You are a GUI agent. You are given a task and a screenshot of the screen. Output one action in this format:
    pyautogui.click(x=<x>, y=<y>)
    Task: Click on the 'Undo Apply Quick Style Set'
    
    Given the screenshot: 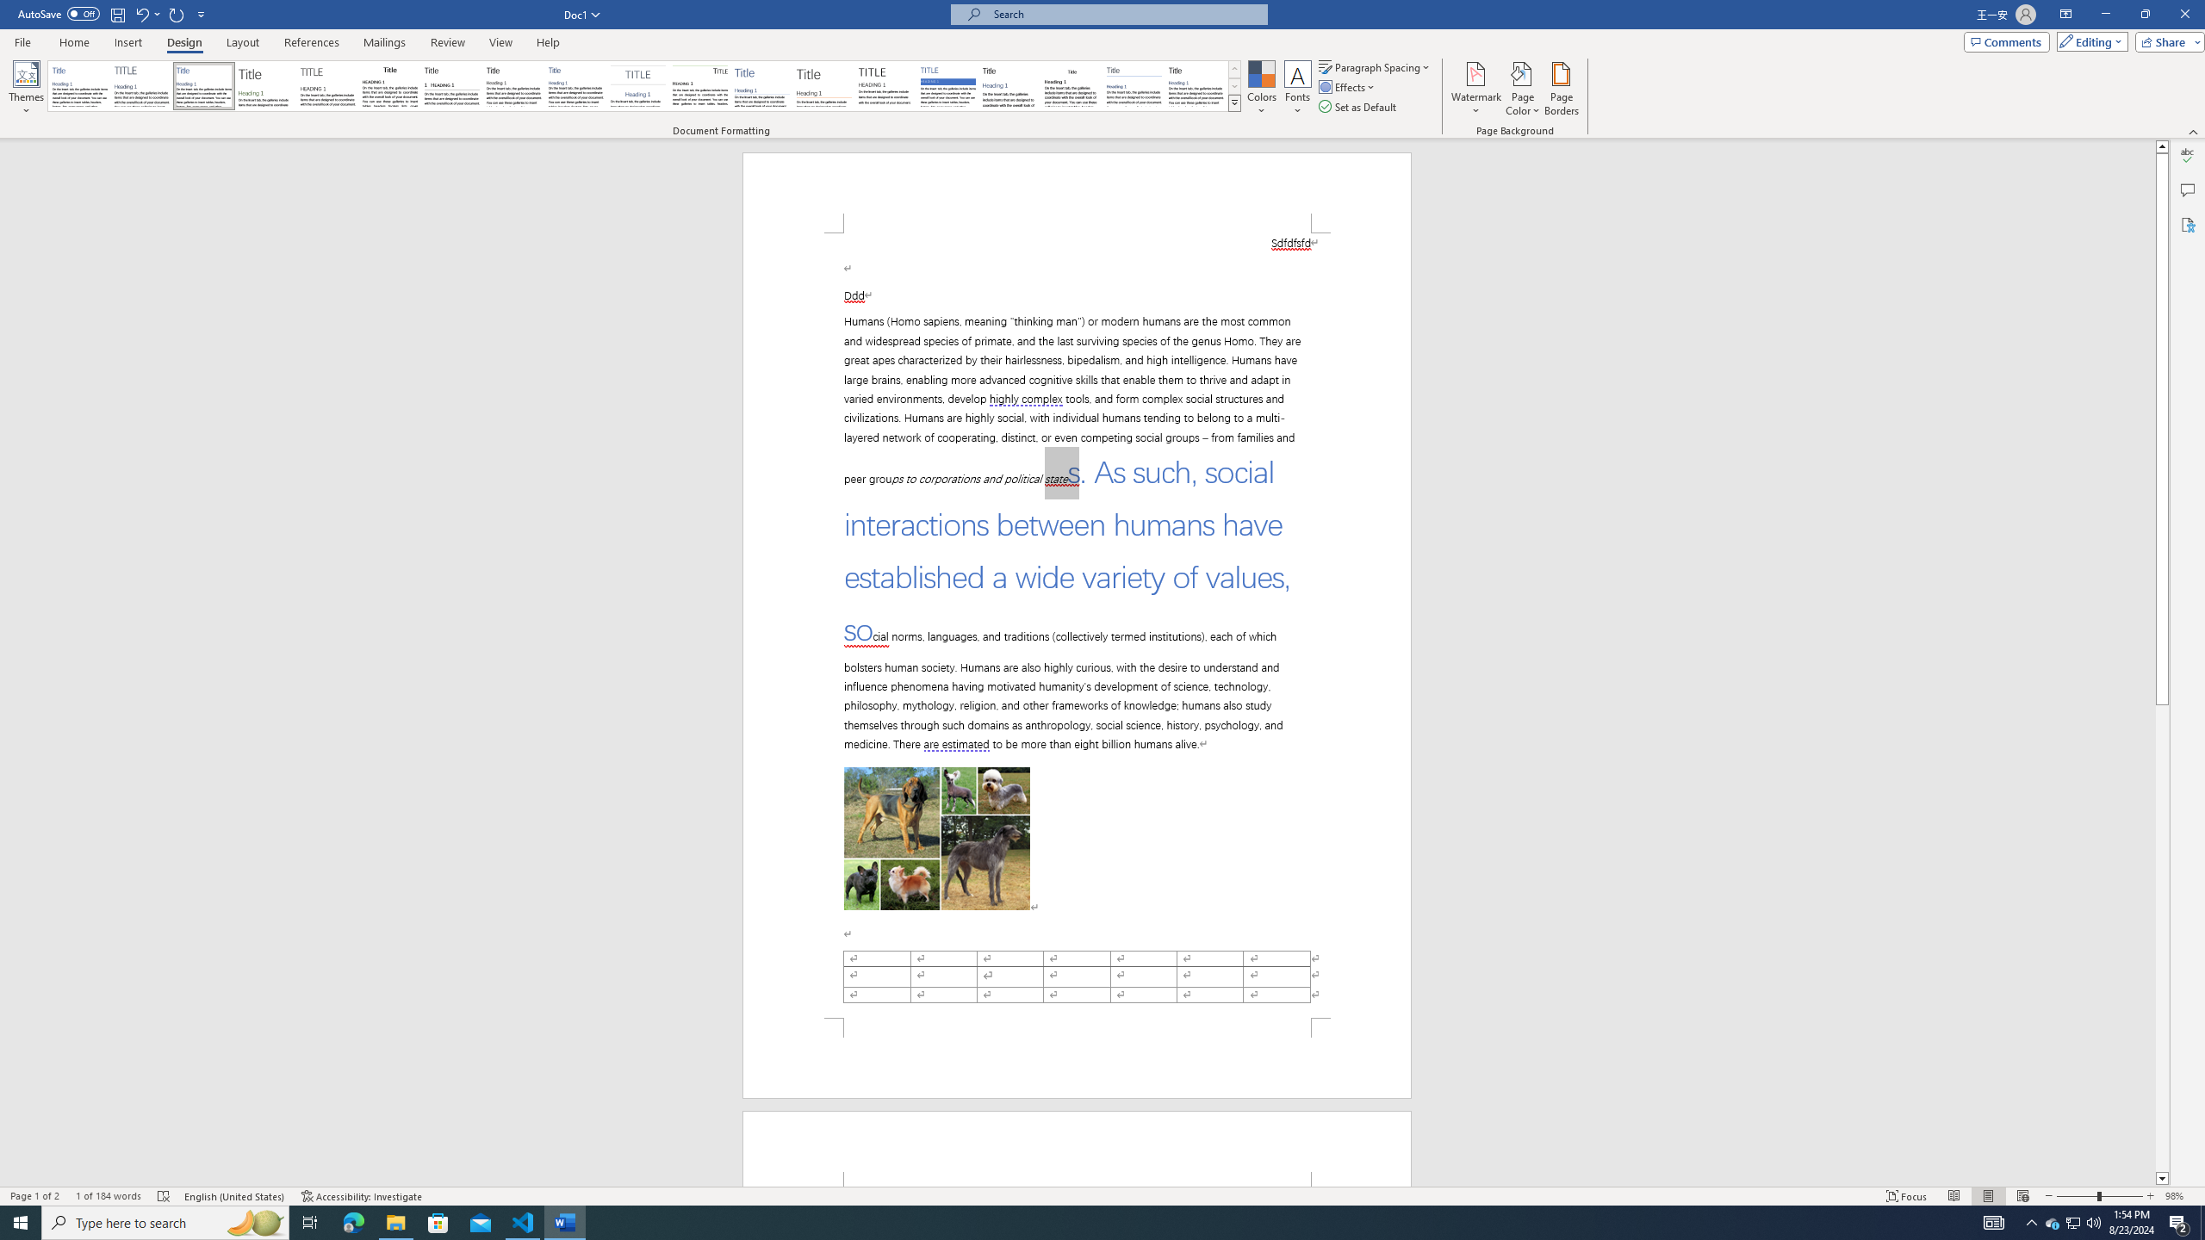 What is the action you would take?
    pyautogui.click(x=146, y=13)
    